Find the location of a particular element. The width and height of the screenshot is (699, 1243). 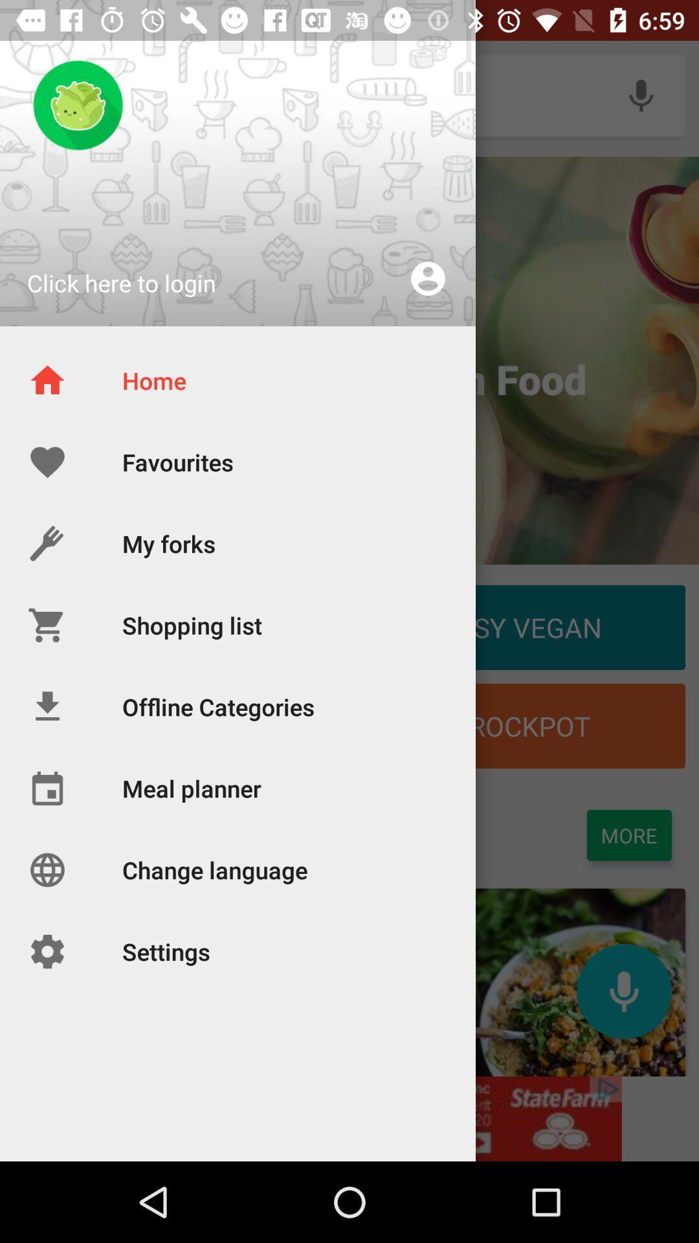

the microphone icon is located at coordinates (641, 95).